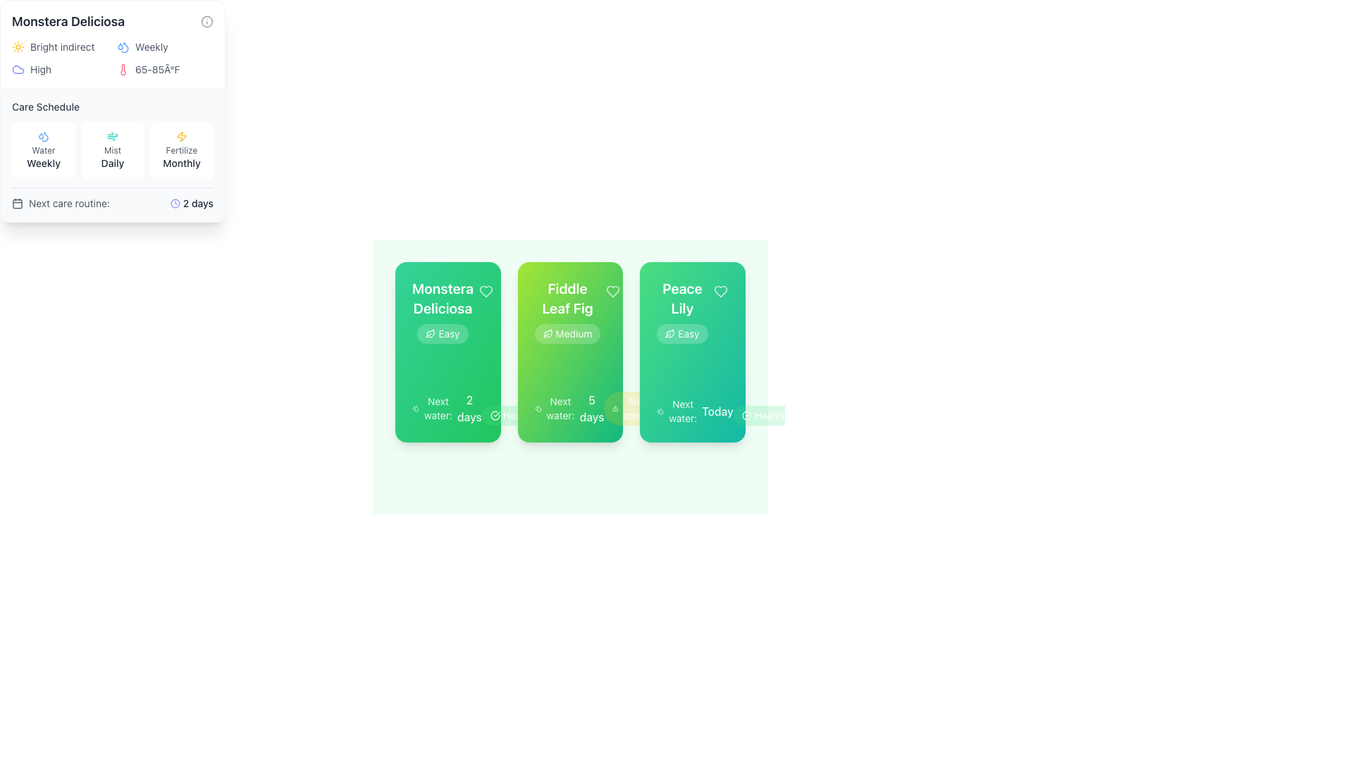 This screenshot has height=761, width=1353. I want to click on the heart-shaped icon in the top-right corner of the 'Fiddle Leaf Fig' card, so click(613, 290).